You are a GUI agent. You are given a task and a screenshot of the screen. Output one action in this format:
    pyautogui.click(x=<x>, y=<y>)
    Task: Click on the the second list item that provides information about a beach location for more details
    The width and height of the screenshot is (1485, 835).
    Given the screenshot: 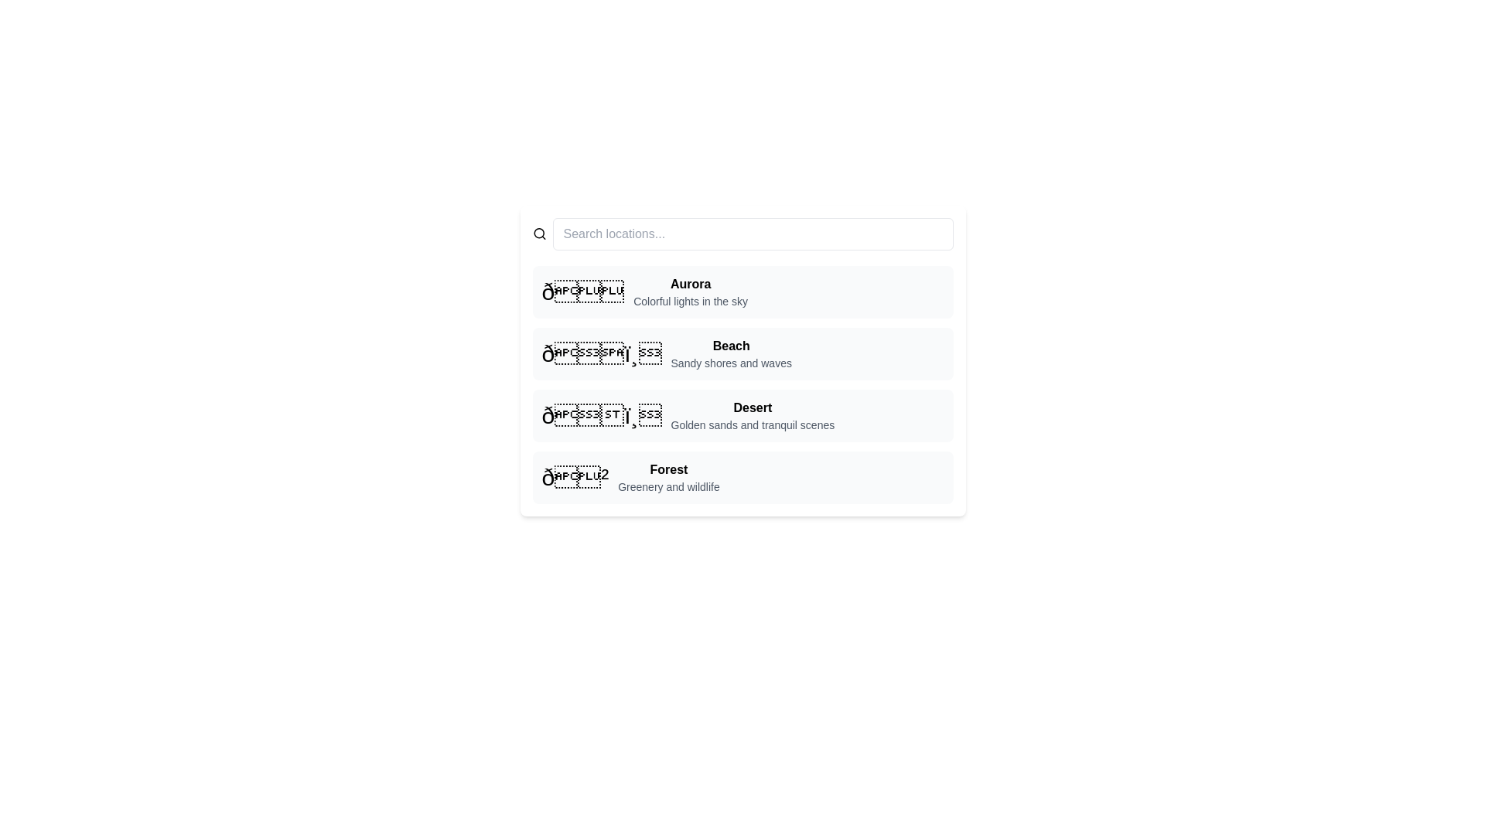 What is the action you would take?
    pyautogui.click(x=742, y=354)
    